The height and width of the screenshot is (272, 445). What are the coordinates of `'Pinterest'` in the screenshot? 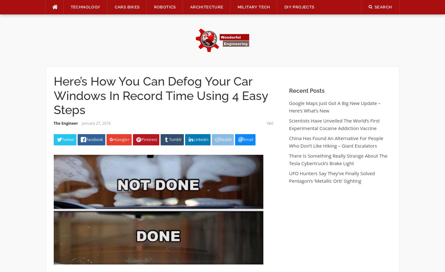 It's located at (149, 139).